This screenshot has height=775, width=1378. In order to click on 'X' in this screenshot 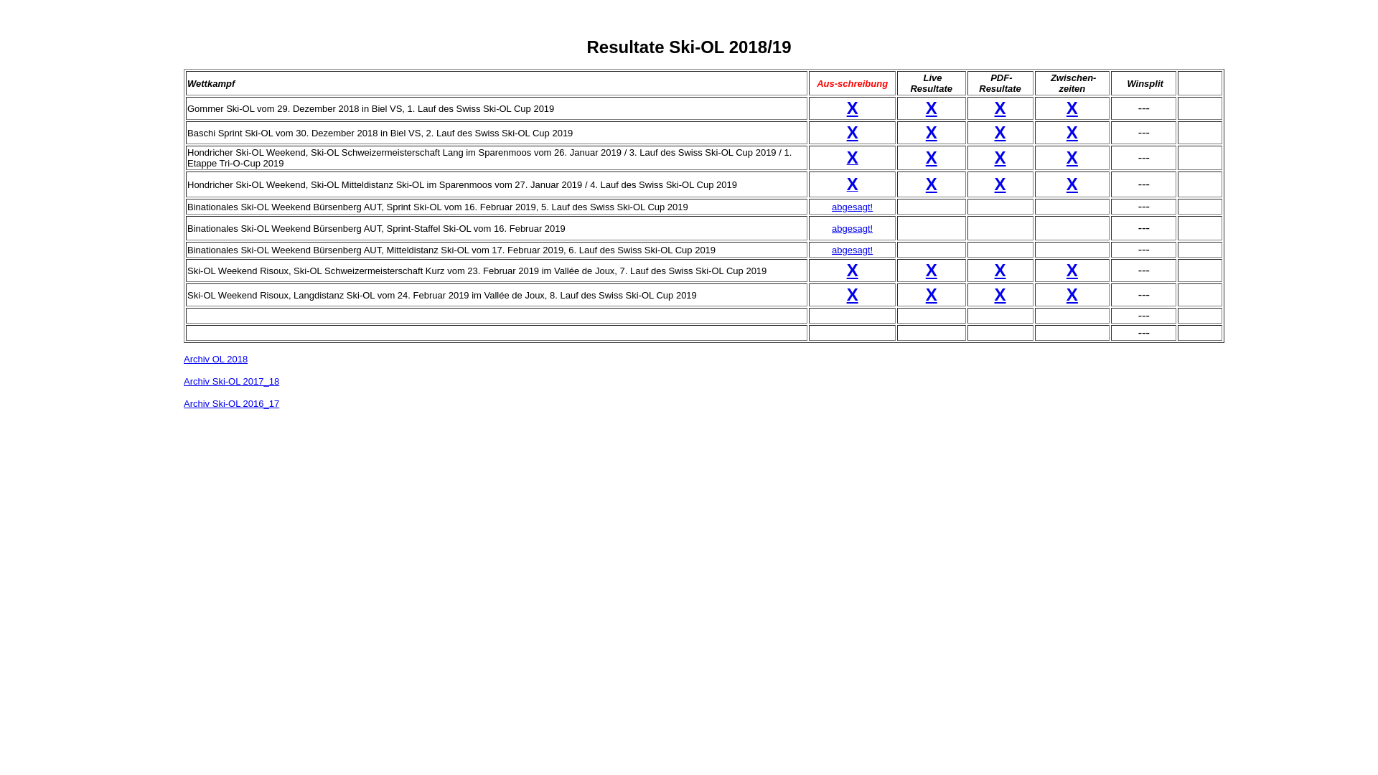, I will do `click(999, 270)`.